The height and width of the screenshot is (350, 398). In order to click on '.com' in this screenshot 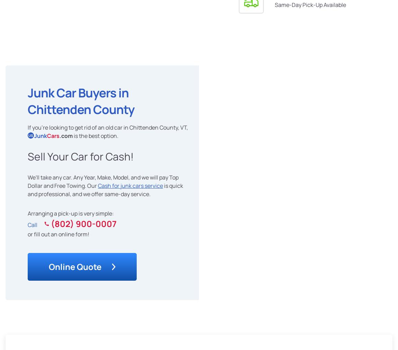, I will do `click(66, 135)`.